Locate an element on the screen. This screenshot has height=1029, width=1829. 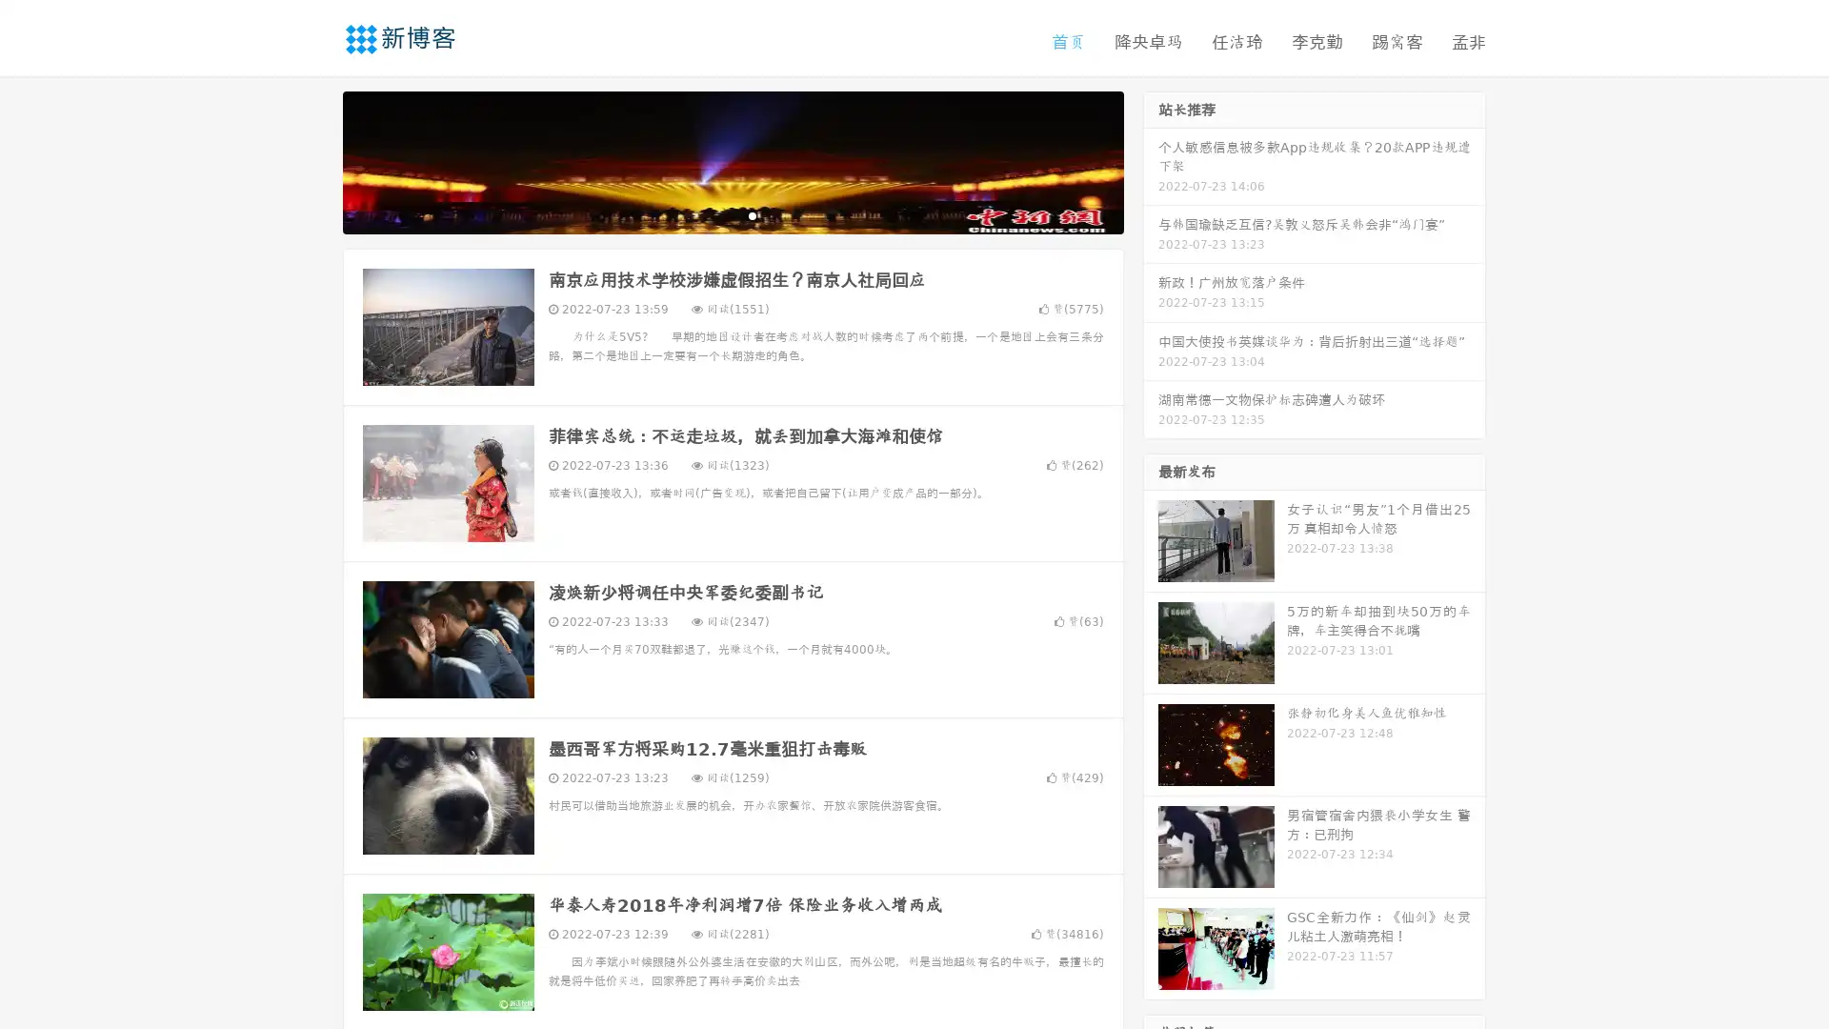
Previous slide is located at coordinates (314, 160).